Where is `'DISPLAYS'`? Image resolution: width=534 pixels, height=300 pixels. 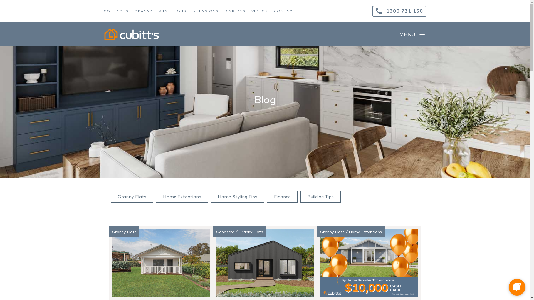
'DISPLAYS' is located at coordinates (238, 11).